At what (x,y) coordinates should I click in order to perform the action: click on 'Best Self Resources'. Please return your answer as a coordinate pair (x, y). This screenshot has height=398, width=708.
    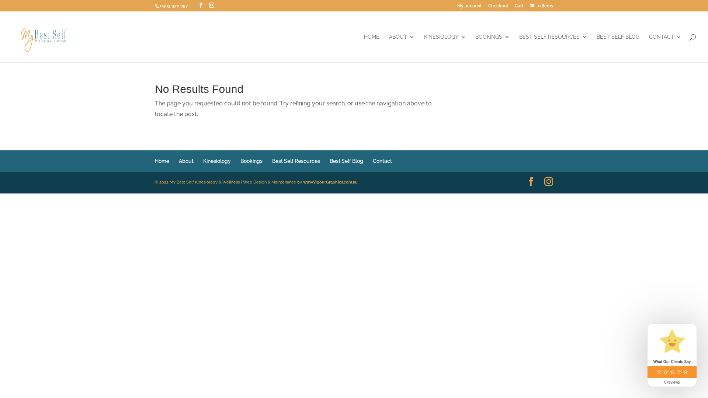
    Looking at the image, I should click on (296, 160).